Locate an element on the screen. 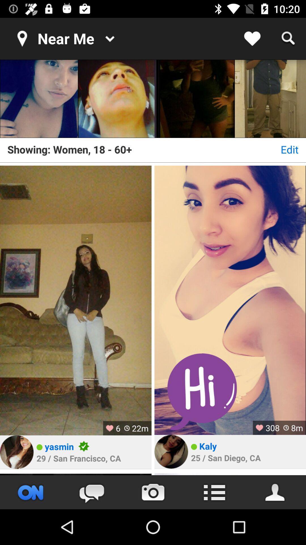  item above the showing women 18 icon is located at coordinates (270, 99).